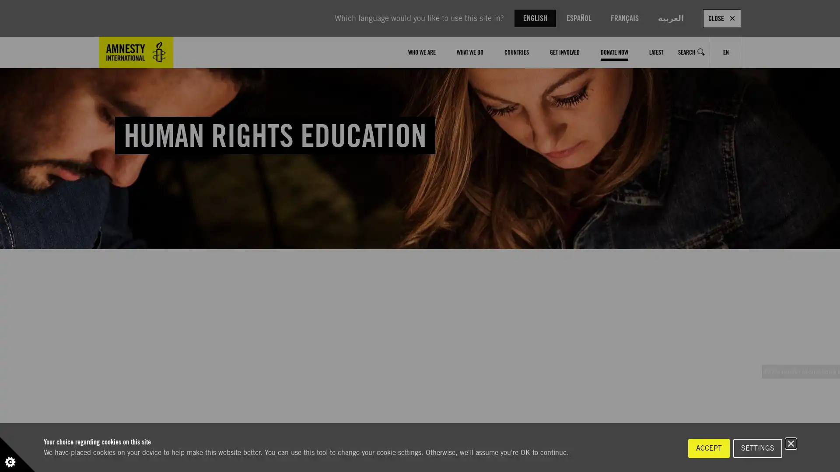 This screenshot has width=840, height=472. I want to click on SETTINGS, so click(757, 448).